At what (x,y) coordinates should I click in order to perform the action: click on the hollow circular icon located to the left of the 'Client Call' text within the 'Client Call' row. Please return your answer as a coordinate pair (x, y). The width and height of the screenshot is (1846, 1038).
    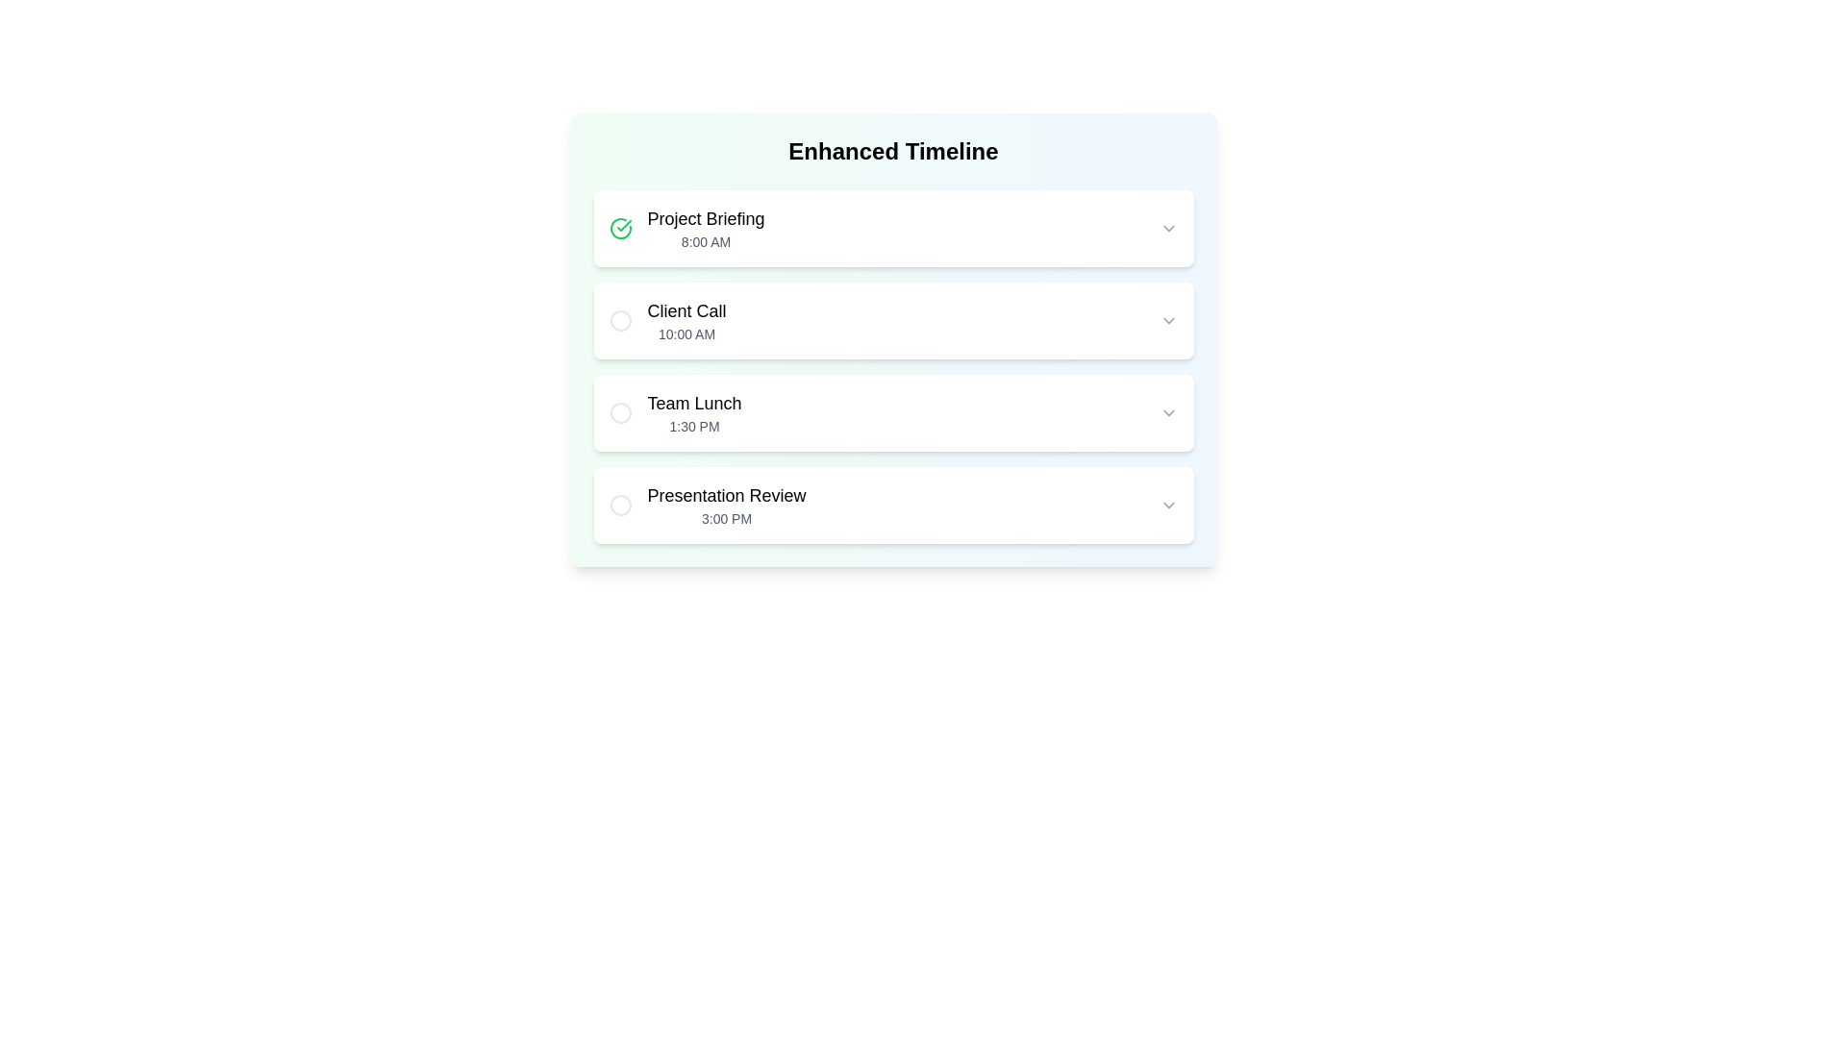
    Looking at the image, I should click on (620, 320).